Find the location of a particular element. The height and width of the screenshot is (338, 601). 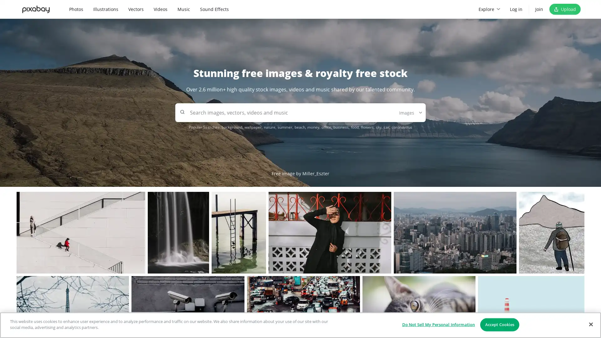

Close is located at coordinates (590, 324).